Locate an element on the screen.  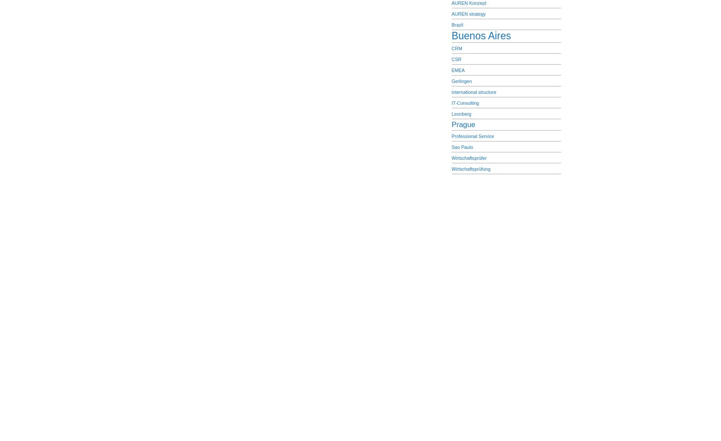
'| 
    	28 queries. 0,572 seconds.' is located at coordinates (371, 209).